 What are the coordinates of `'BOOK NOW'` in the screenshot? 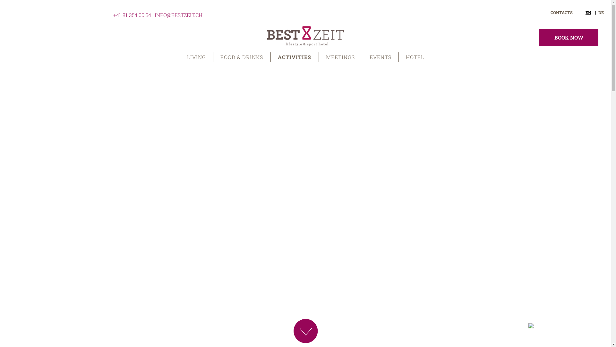 It's located at (569, 37).